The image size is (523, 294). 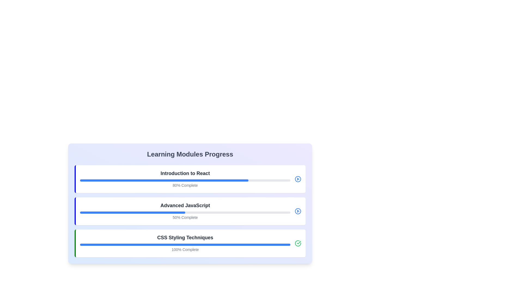 I want to click on the text label indicating the completion percentage of the 'Advanced JavaScript' module, located beneath its progress bar, so click(x=185, y=217).